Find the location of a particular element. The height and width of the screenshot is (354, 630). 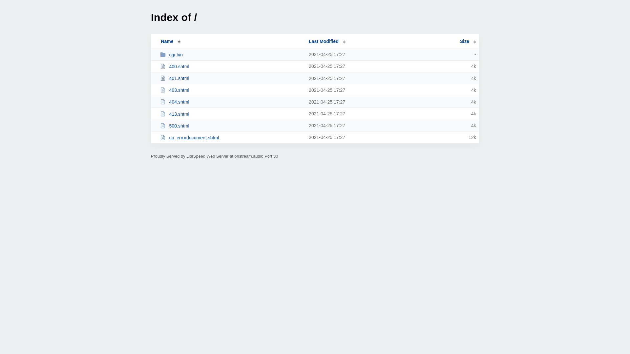

'Name' is located at coordinates (167, 41).